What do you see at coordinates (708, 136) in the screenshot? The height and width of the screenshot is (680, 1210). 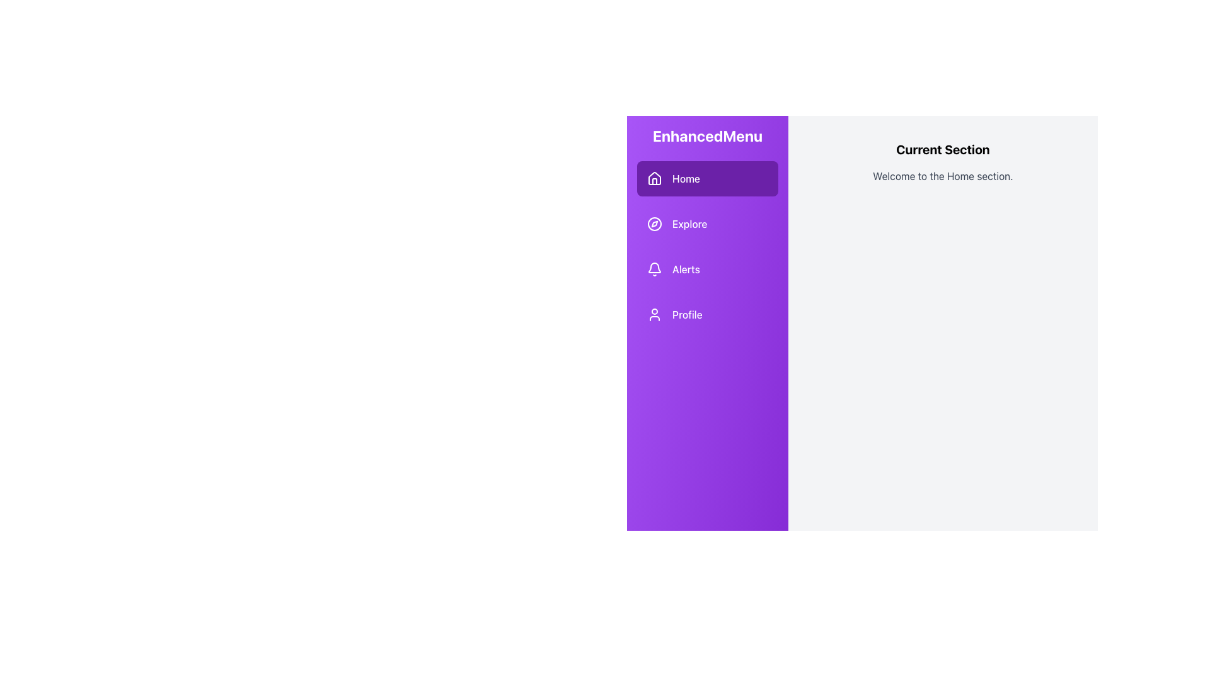 I see `the static text label 'EnhancedMenu' at the top of the sidebar menu, which serves as a title for the menu's content` at bounding box center [708, 136].